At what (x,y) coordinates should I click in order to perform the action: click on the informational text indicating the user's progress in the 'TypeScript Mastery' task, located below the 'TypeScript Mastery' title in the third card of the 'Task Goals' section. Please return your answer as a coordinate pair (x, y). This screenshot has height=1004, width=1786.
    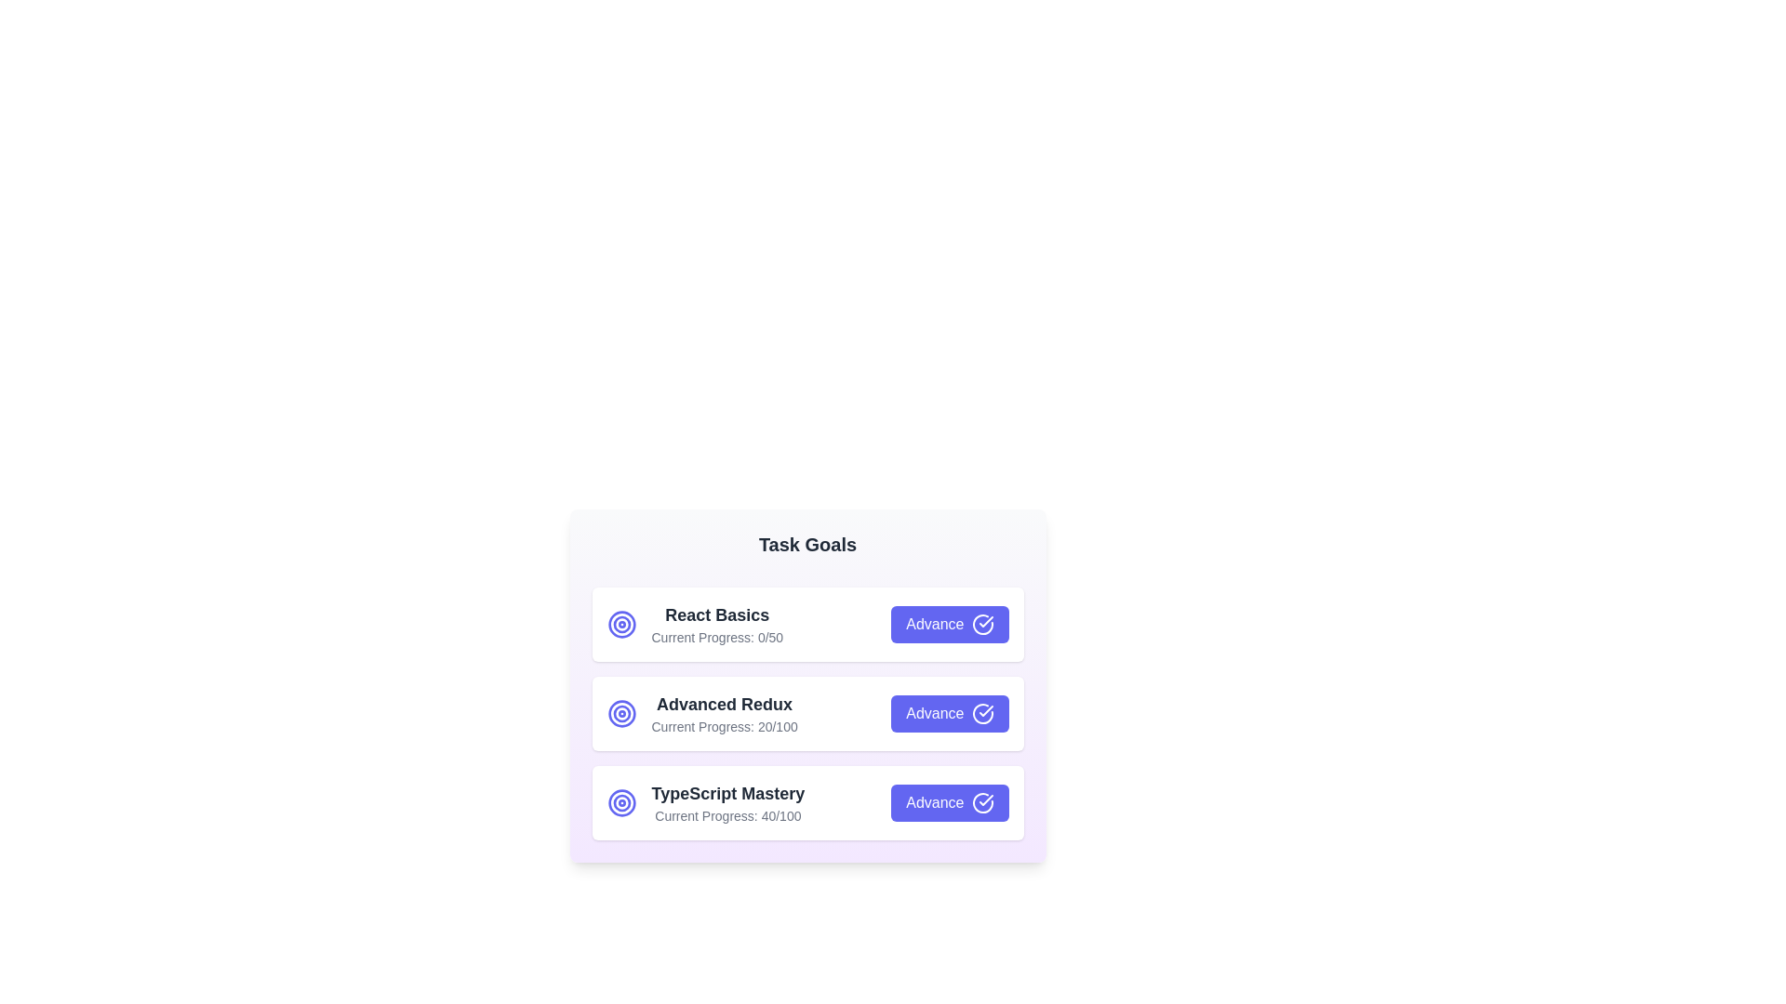
    Looking at the image, I should click on (726, 815).